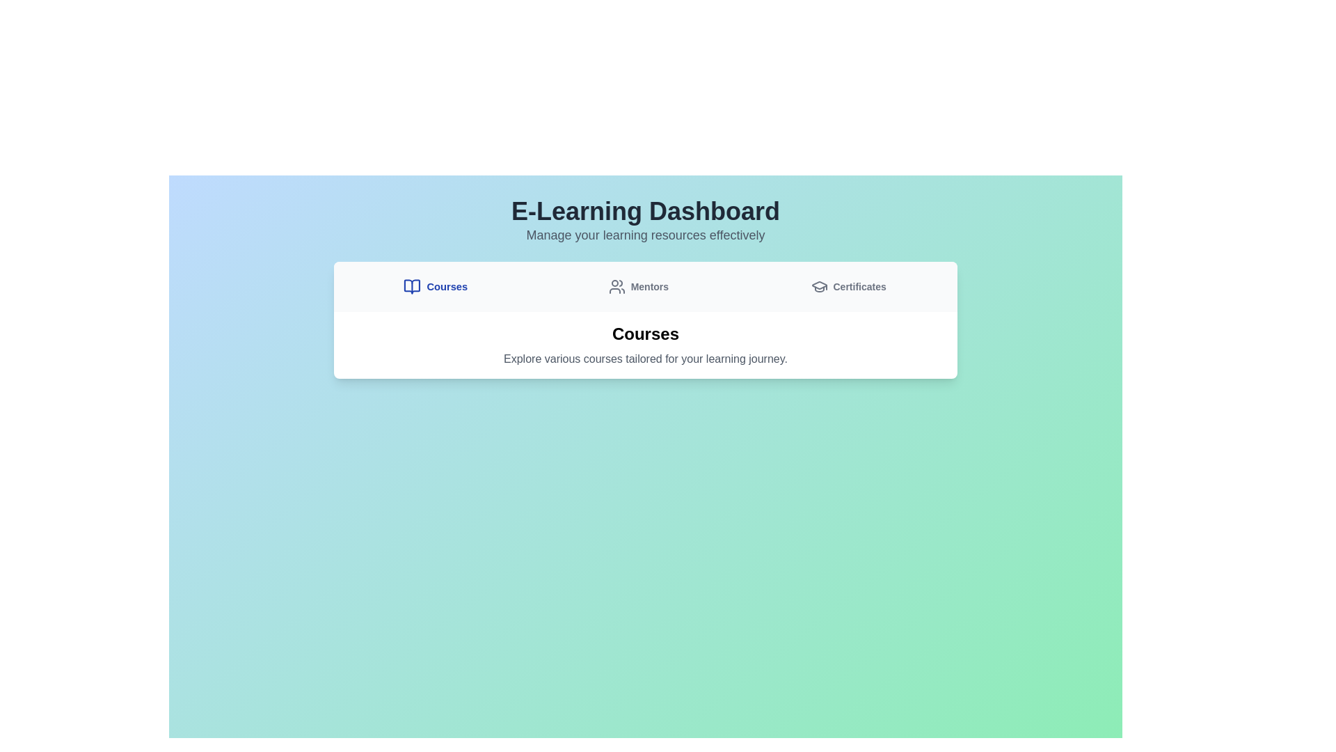 The image size is (1336, 752). What do you see at coordinates (848, 286) in the screenshot?
I see `the 'Certificates' tab to view the certificates section` at bounding box center [848, 286].